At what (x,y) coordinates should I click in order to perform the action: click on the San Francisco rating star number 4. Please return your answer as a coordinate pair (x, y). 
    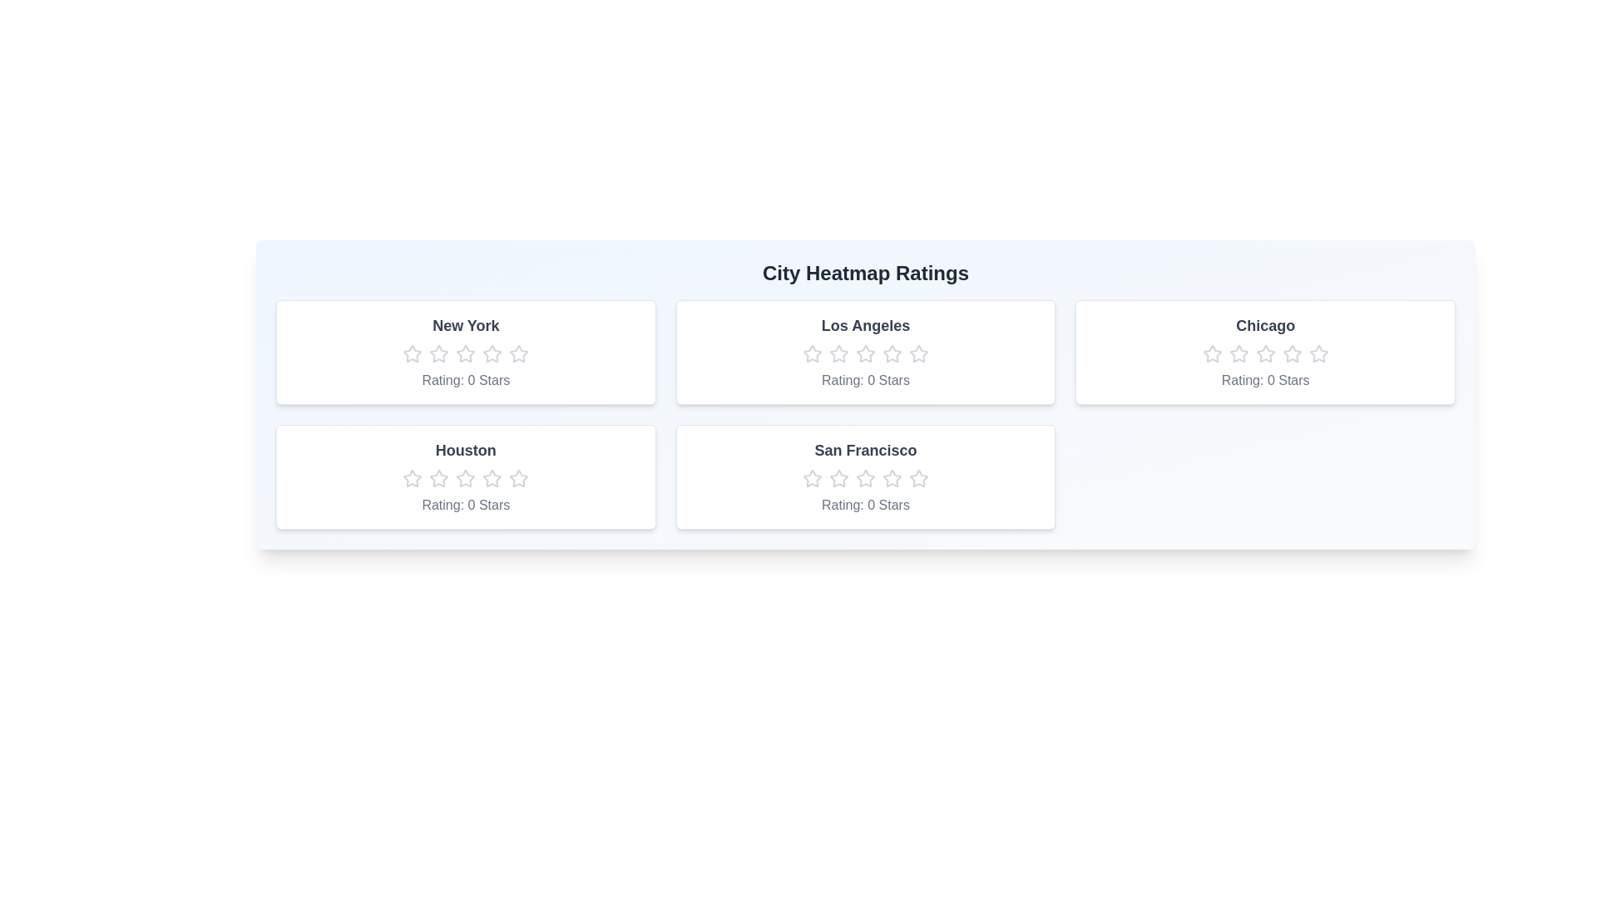
    Looking at the image, I should click on (891, 478).